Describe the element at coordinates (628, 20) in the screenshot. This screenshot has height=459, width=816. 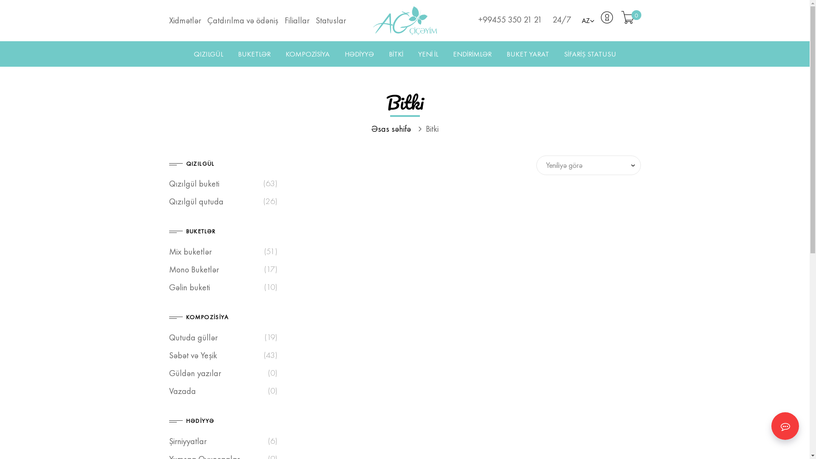
I see `'0'` at that location.